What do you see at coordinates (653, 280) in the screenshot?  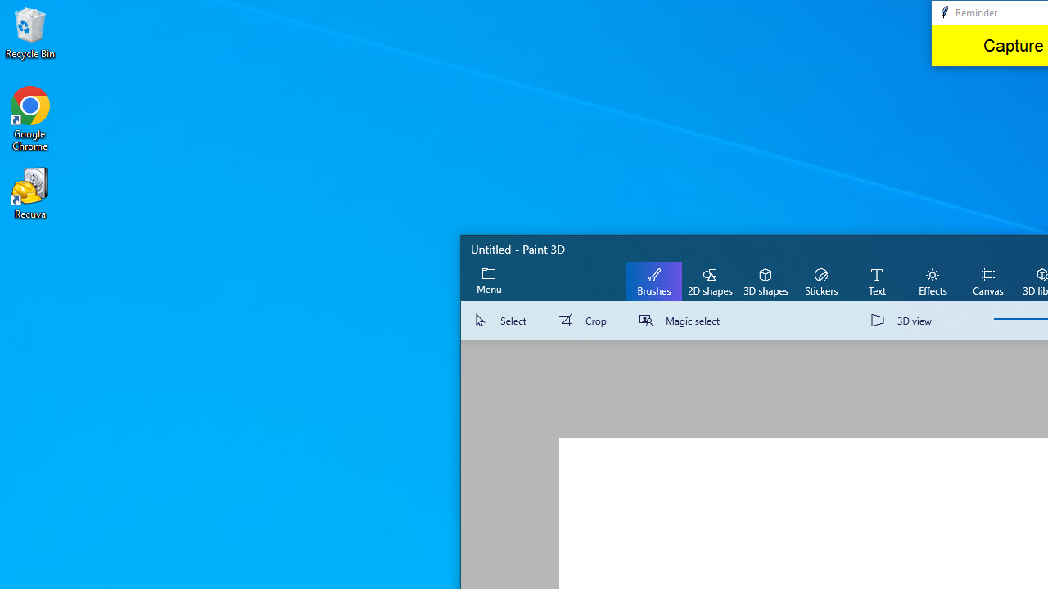 I see `'Brushes'` at bounding box center [653, 280].